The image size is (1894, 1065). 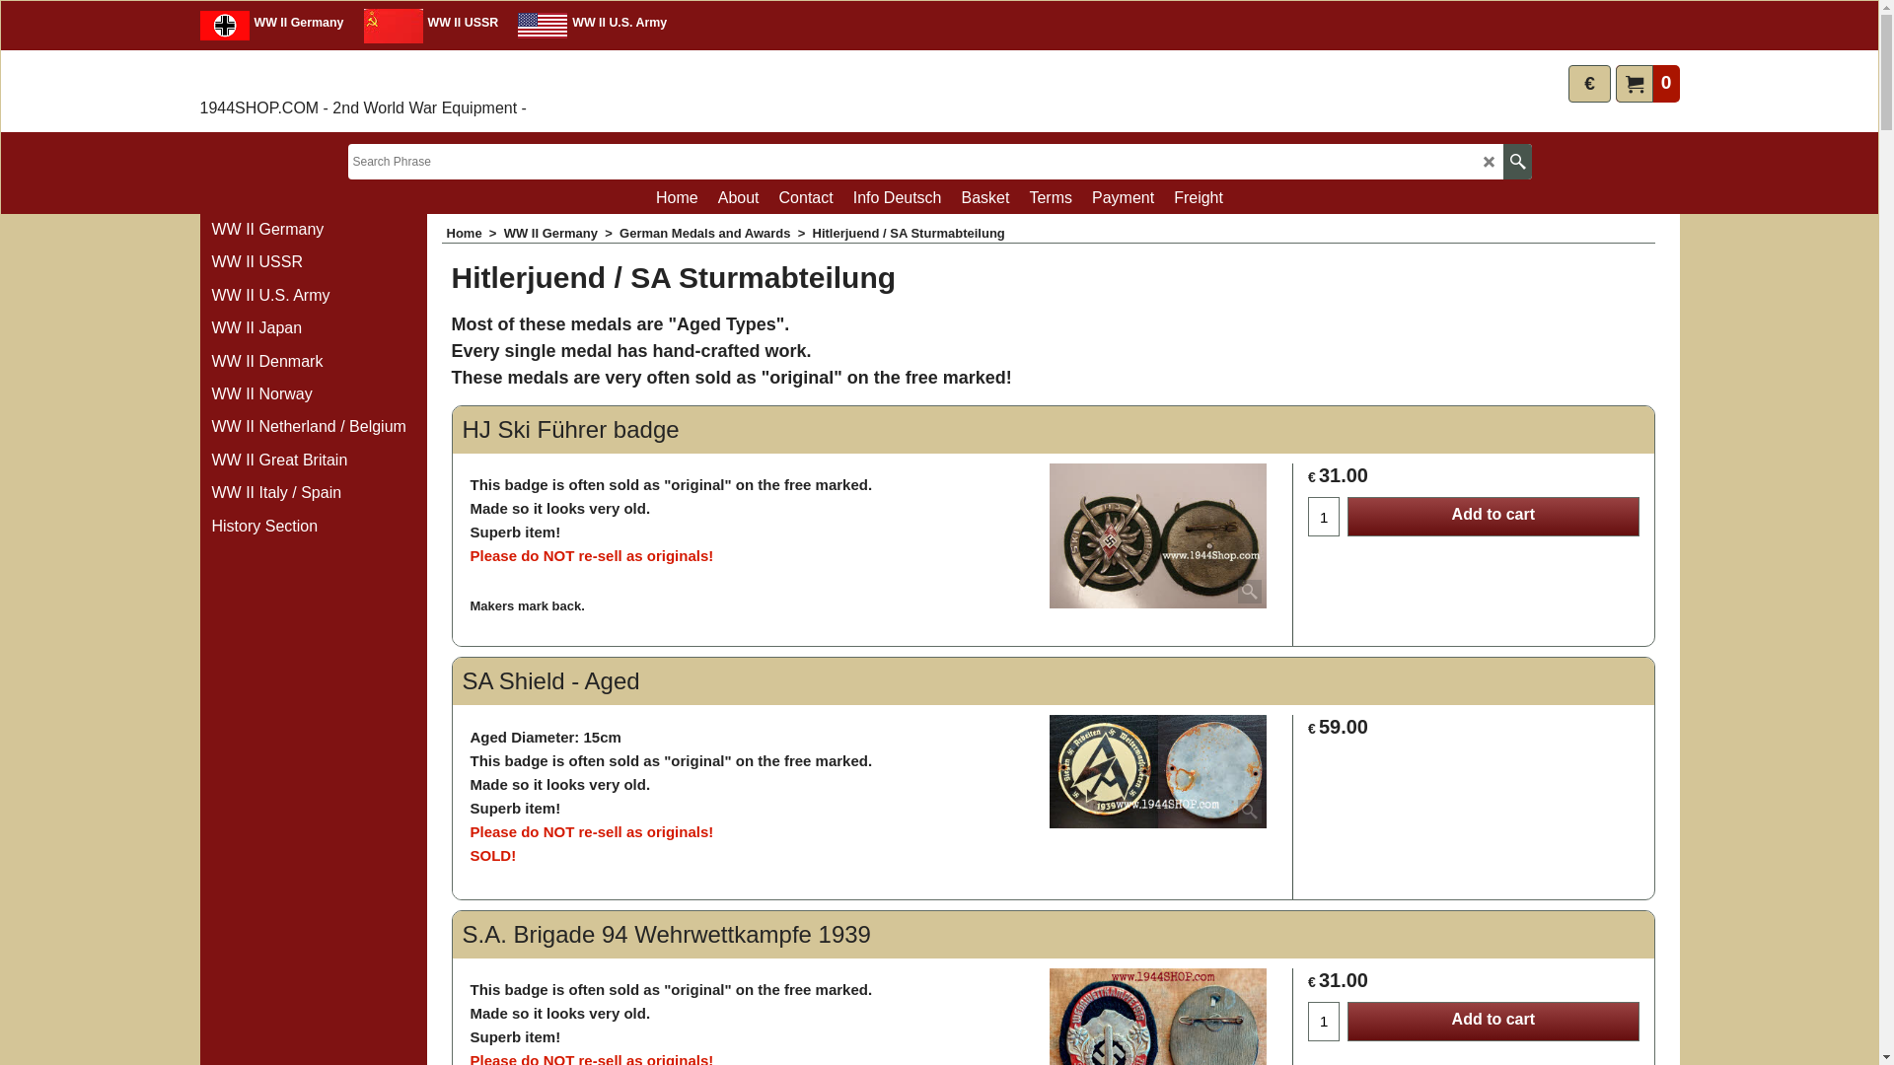 I want to click on 'LD_CANCEL', so click(x=1483, y=160).